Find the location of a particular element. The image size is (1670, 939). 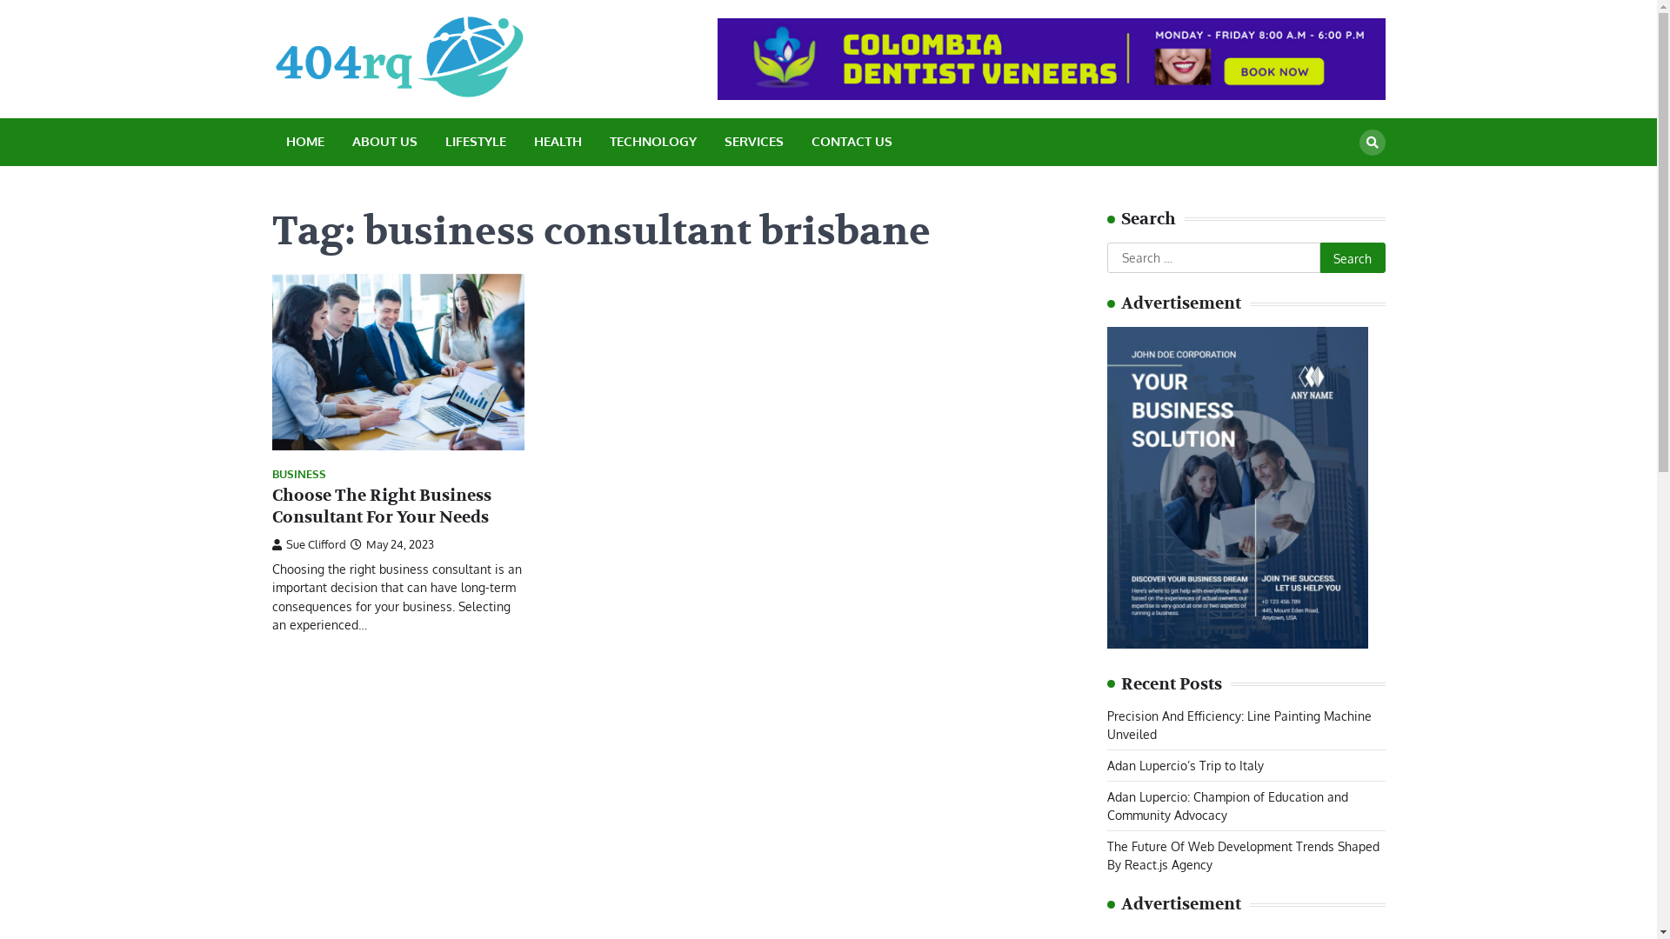

'Search' is located at coordinates (1352, 258).